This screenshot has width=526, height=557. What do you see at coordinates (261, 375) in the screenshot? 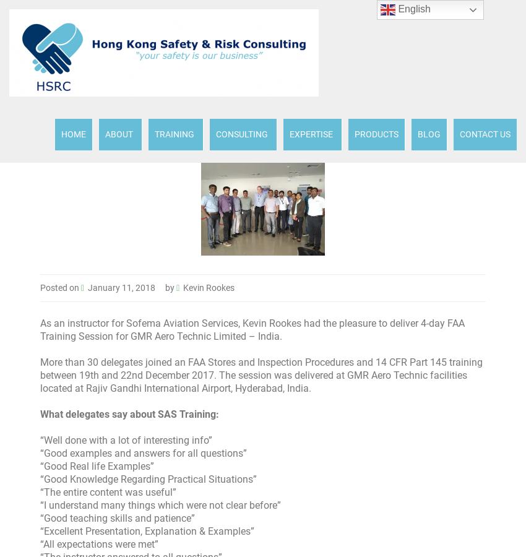
I see `'More than 30 delegates joined an FAA Stores and Inspection Procedures and 14 CFR Part 145 training between 19th and 22nd December 2017. The session was delivered at GMR Aero Technic facilities located at Rajiv Gandhi International Airport, Hyderabad, India.'` at bounding box center [261, 375].